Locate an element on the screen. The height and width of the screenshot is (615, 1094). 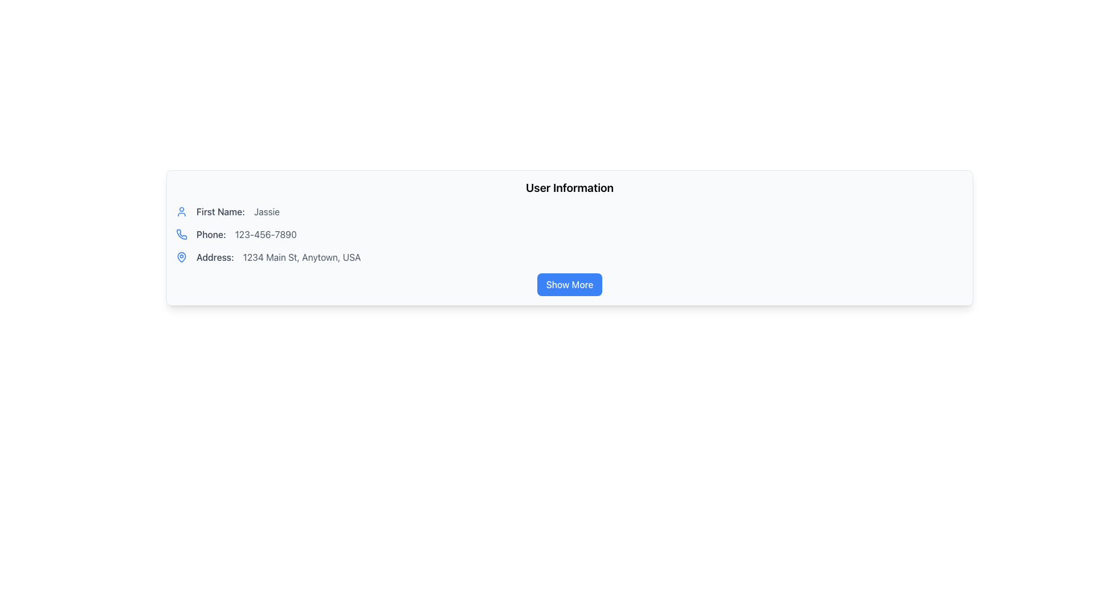
text label displaying the name 'Jassie' which is positioned to the right of the label 'First Name:' in gray font is located at coordinates (266, 211).